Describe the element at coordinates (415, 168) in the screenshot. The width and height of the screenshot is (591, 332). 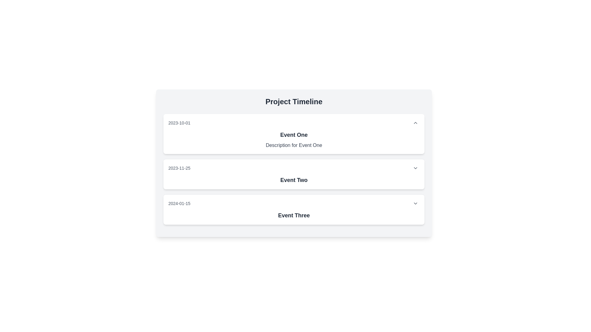
I see `the downward-facing chevron symbol on the far right side of the horizontal bar` at that location.